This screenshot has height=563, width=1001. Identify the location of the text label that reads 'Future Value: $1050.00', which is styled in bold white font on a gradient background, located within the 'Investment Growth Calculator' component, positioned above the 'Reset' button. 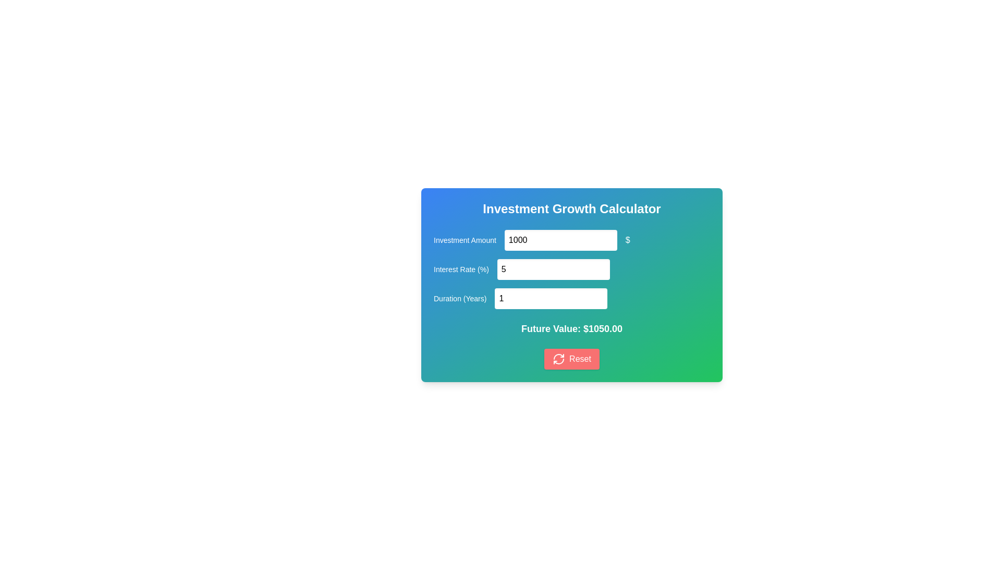
(571, 329).